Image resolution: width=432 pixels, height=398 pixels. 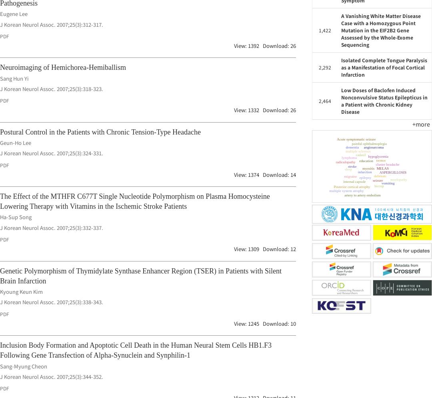 I want to click on 'tremor', so click(x=348, y=170).